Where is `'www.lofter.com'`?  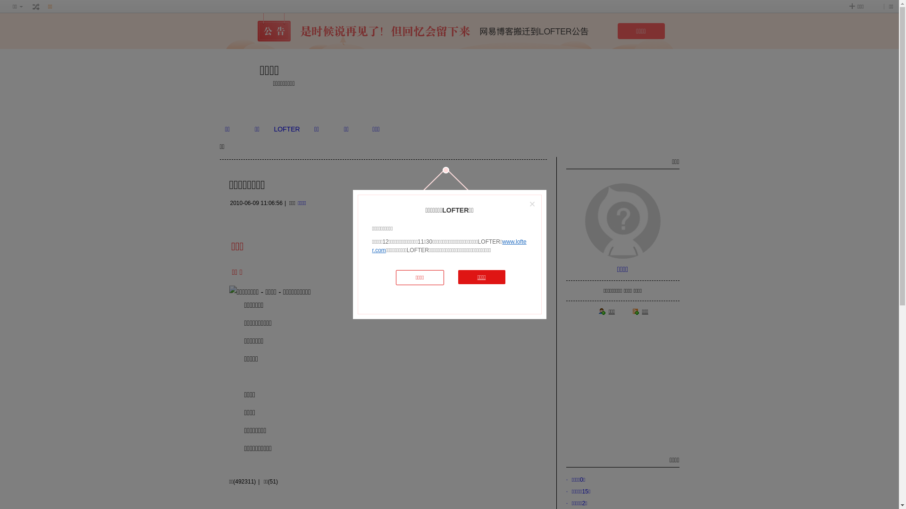
'www.lofter.com' is located at coordinates (448, 245).